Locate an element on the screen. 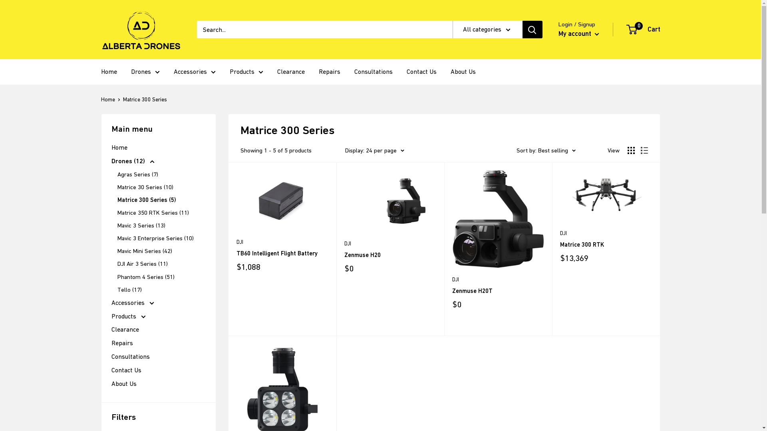 The width and height of the screenshot is (767, 431). 'Clearance' is located at coordinates (111, 329).